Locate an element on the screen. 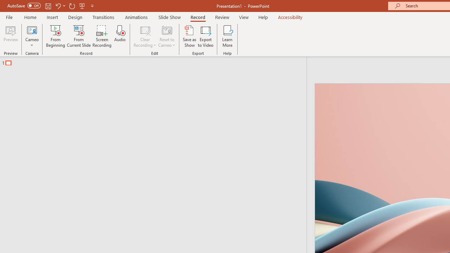  'Outline' is located at coordinates (156, 61).